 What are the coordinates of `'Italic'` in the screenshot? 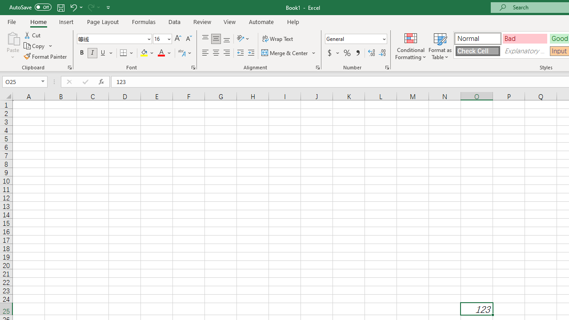 It's located at (92, 53).